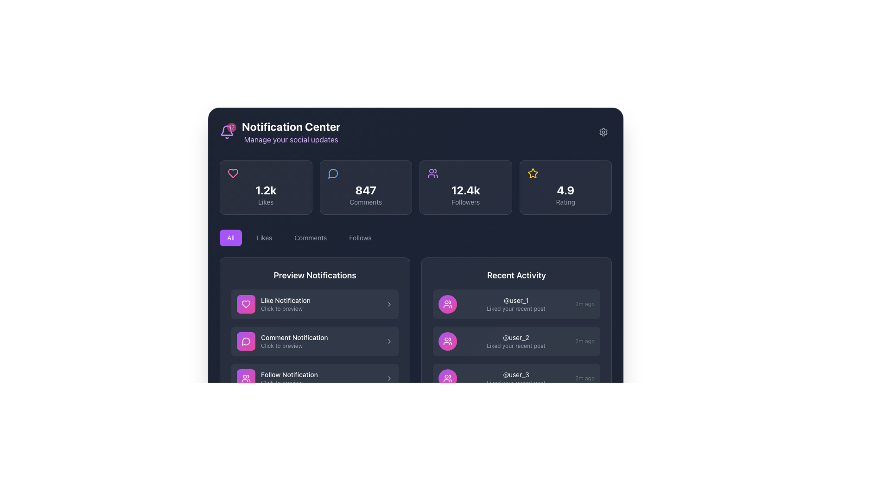 The height and width of the screenshot is (501, 890). What do you see at coordinates (252, 474) in the screenshot?
I see `the button labeled 'Clear All Notifications' which is styled to change color on hover, located in the footer area of the notification panel towards the left side` at bounding box center [252, 474].